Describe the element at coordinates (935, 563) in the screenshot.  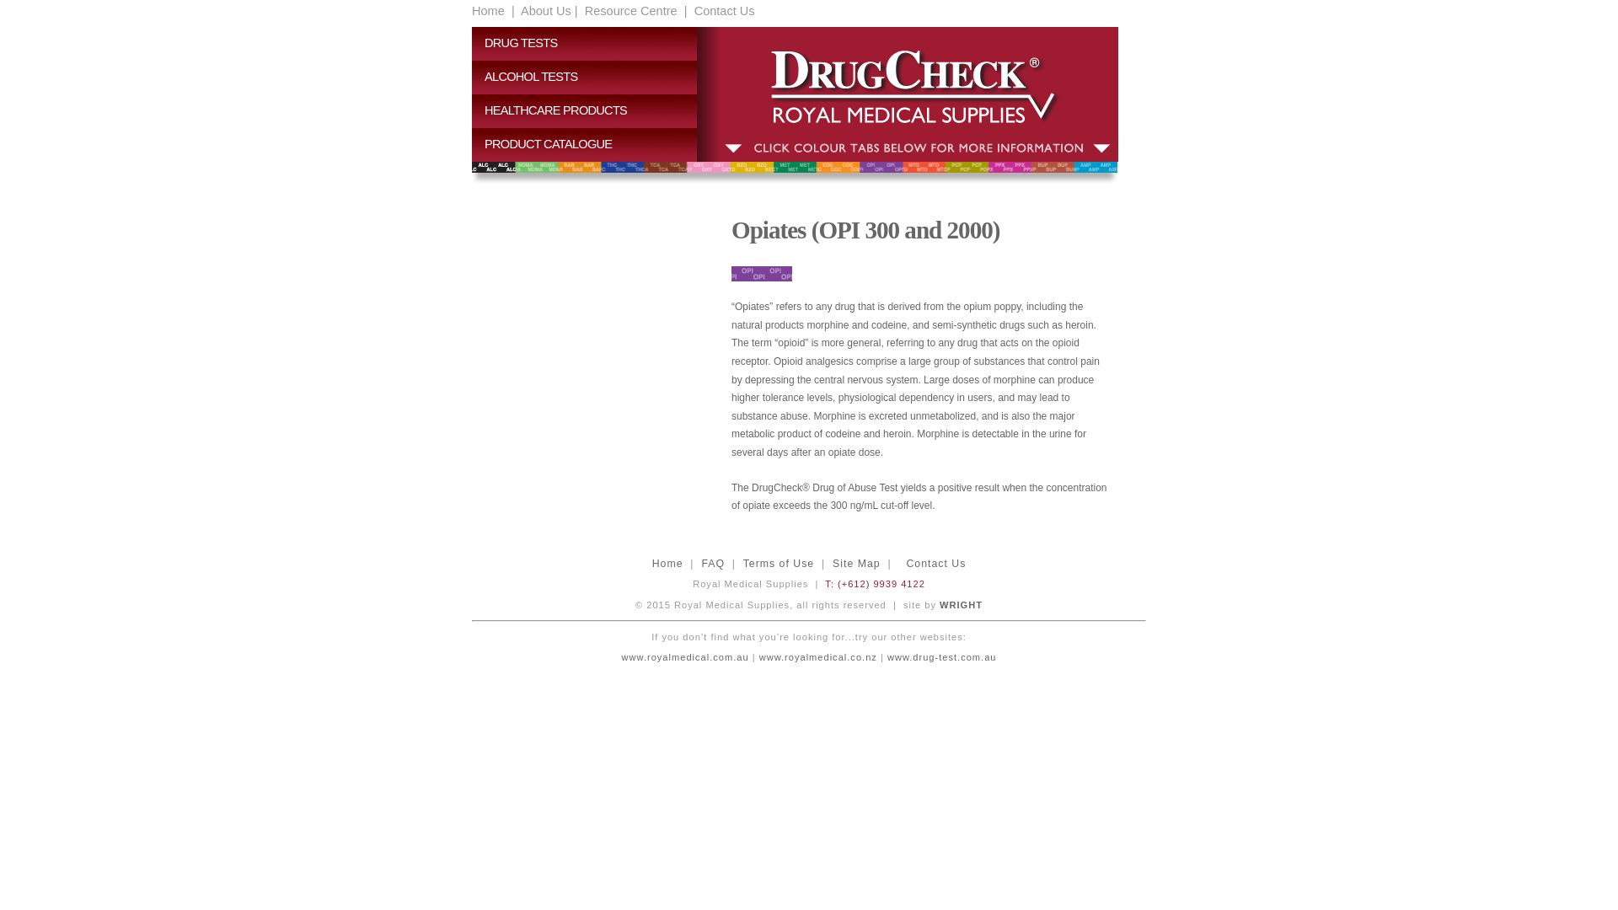
I see `'Contact Us'` at that location.